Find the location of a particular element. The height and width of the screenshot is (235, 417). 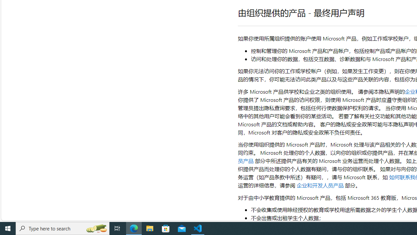

'Search highlights icon opens search home window' is located at coordinates (96, 228).